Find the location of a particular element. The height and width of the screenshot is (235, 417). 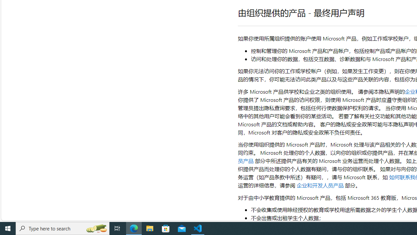

'Search highlights icon opens search home window' is located at coordinates (96, 228).